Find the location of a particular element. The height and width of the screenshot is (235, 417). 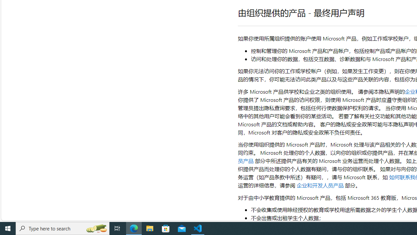

'Search highlights icon opens search home window' is located at coordinates (96, 228).